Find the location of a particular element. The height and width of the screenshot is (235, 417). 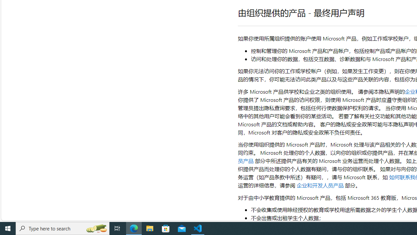

'Search highlights icon opens search home window' is located at coordinates (96, 228).